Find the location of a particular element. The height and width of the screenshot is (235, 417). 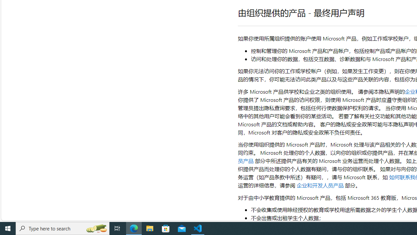

'Search highlights icon opens search home window' is located at coordinates (96, 228).